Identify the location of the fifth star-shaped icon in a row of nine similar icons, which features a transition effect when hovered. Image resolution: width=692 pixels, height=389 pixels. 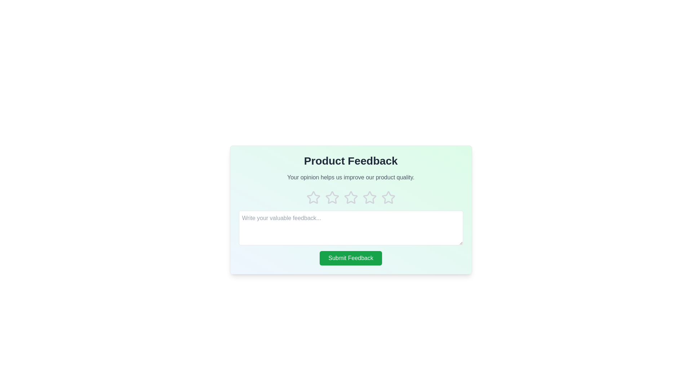
(369, 197).